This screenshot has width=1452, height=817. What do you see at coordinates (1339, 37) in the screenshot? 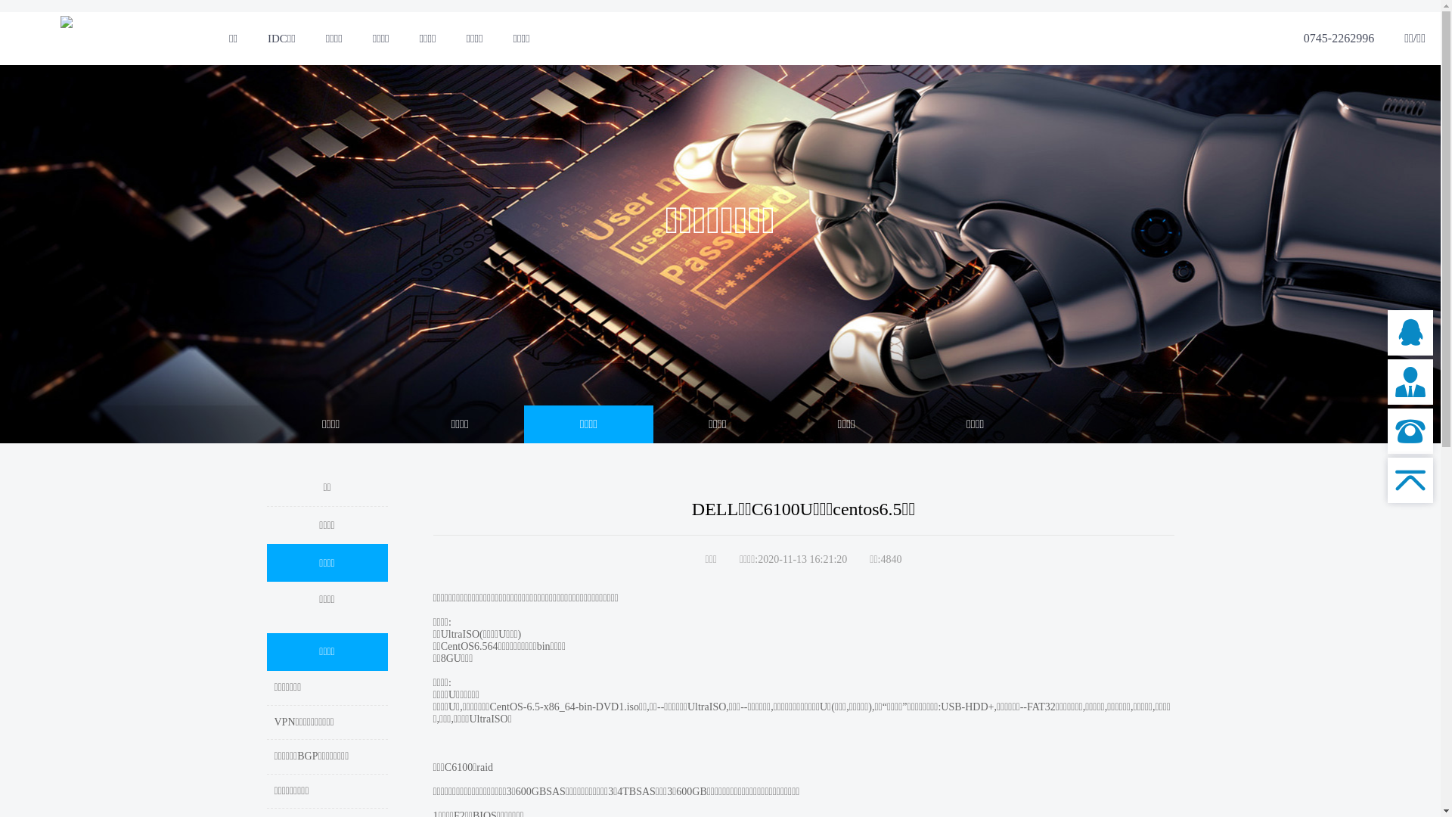
I see `'0745-2262996'` at bounding box center [1339, 37].